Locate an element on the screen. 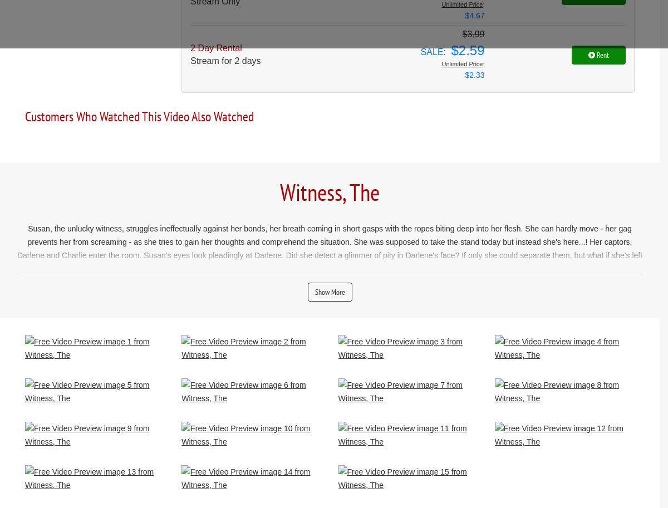  '$4.67' is located at coordinates (474, 15).